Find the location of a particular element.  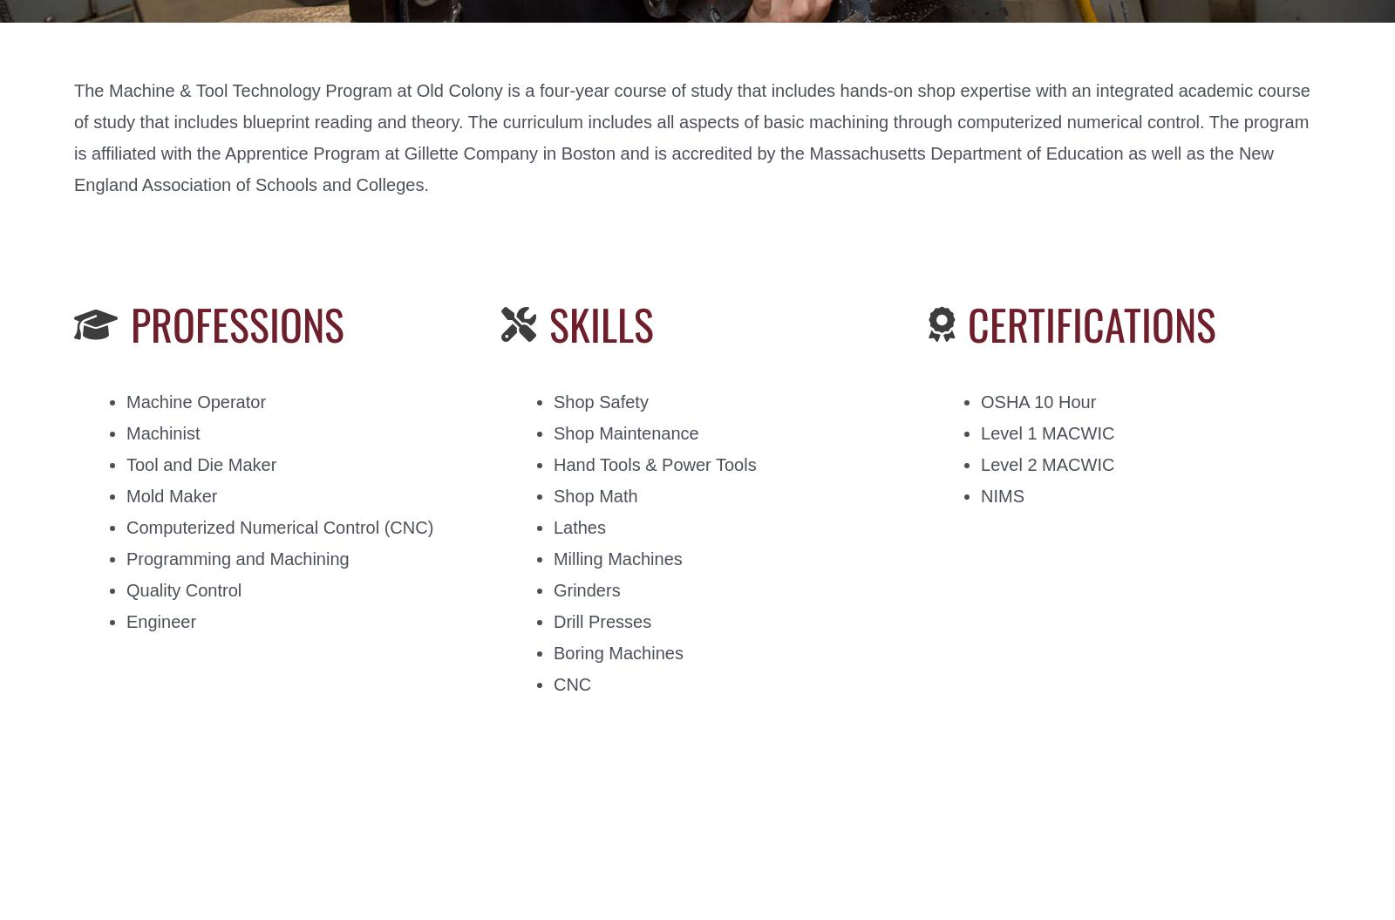

'Machinist' is located at coordinates (162, 433).